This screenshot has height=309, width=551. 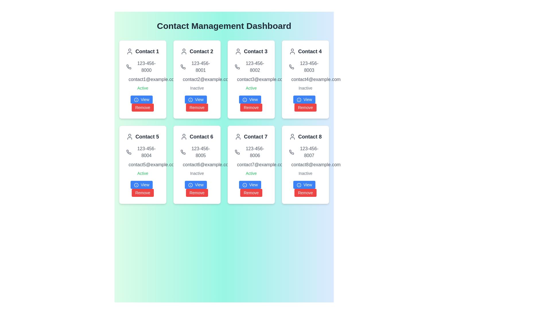 I want to click on the text label reading 'Contact 8' styled with a bold font in dark gray located in the bottom-right corner of a grid layout, so click(x=310, y=137).